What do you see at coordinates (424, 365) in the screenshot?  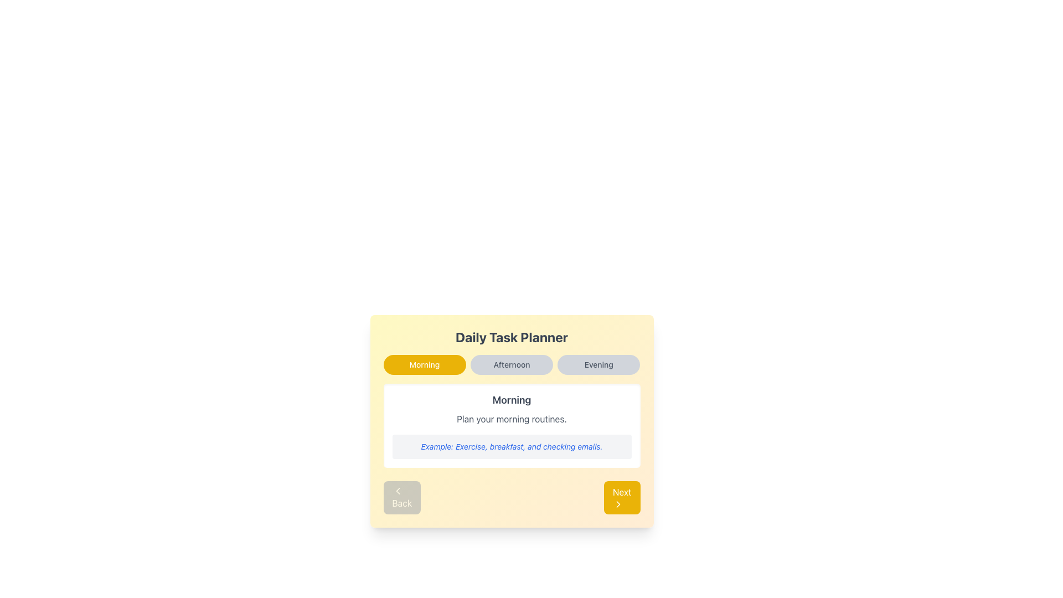 I see `the 'Morning' time slot button` at bounding box center [424, 365].